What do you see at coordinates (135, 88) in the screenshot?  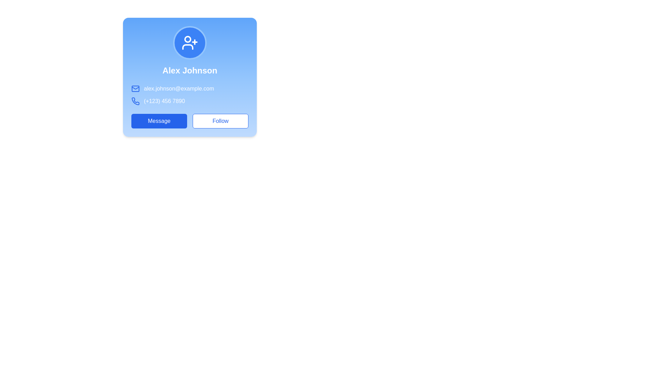 I see `the mail icon, which visually represents the email address, located in the contact information section of the card, positioned as the first element from the left` at bounding box center [135, 88].